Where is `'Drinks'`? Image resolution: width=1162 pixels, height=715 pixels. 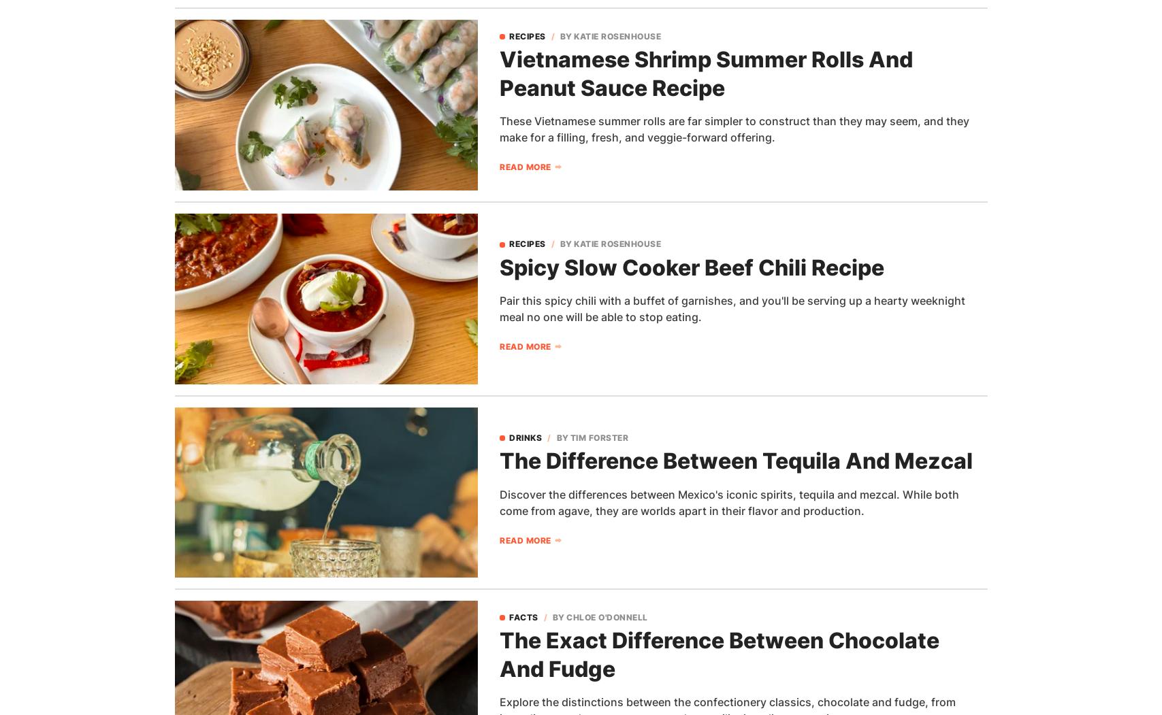 'Drinks' is located at coordinates (526, 436).